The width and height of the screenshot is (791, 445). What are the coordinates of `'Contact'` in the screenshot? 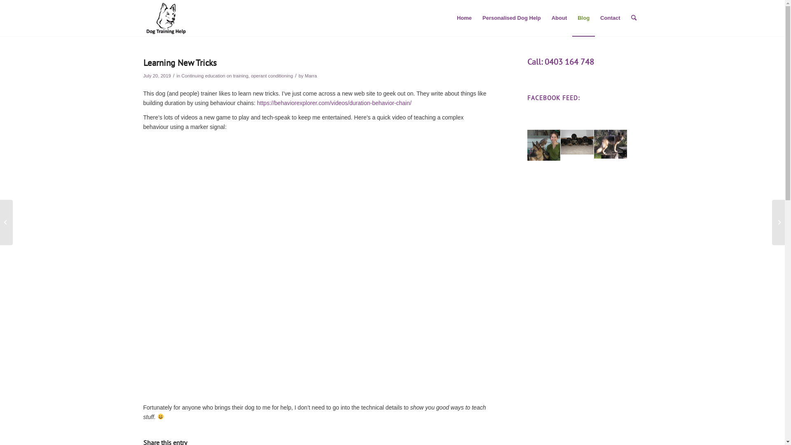 It's located at (610, 18).